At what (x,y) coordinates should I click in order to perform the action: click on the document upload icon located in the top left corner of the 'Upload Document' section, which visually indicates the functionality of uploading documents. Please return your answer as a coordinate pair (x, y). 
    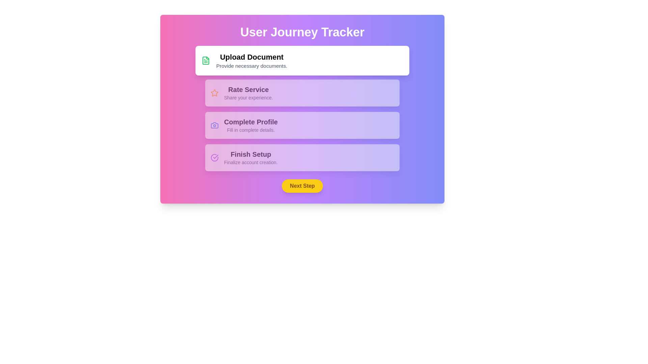
    Looking at the image, I should click on (205, 61).